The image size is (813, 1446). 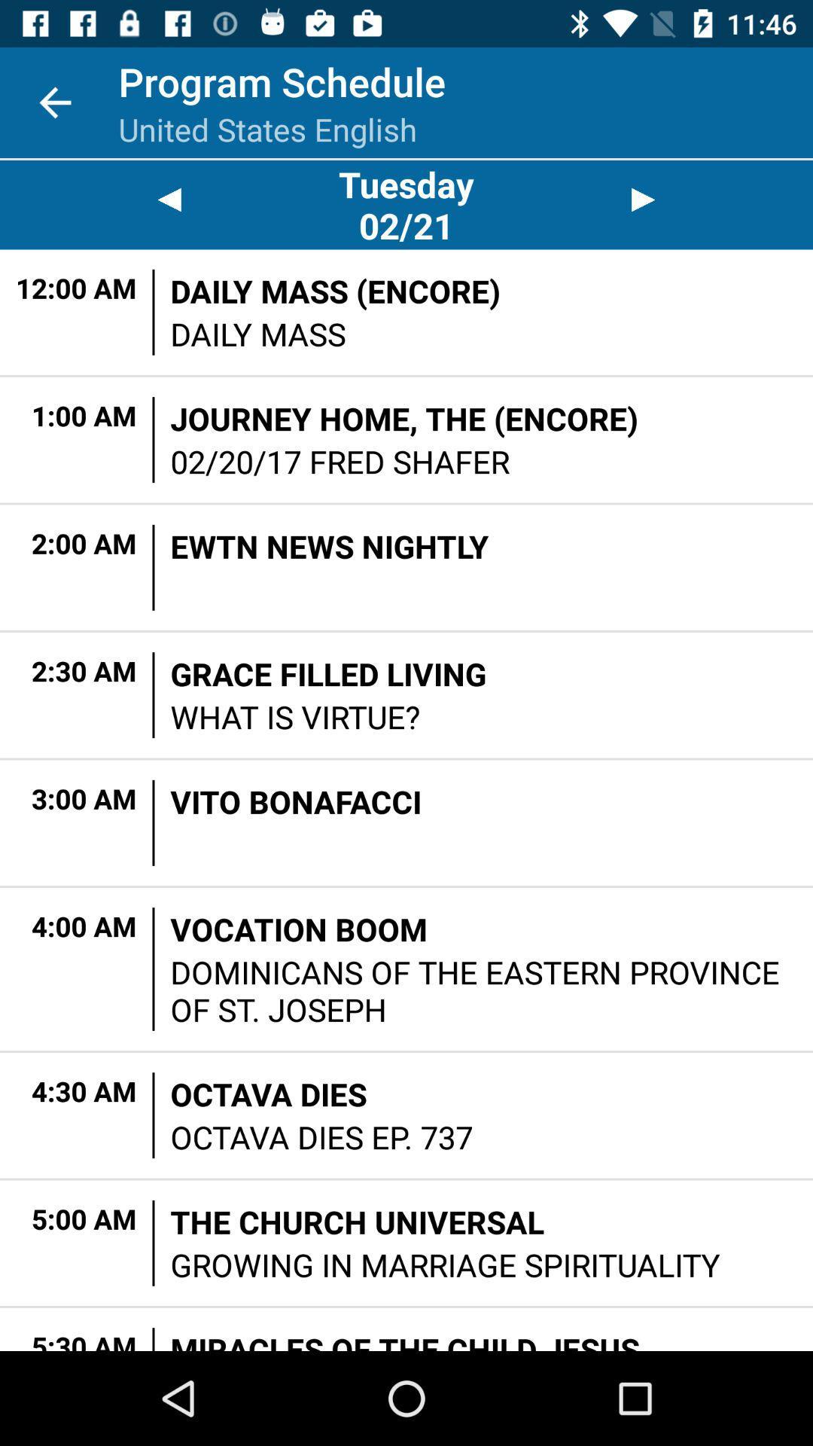 I want to click on the icon next to the octava dies item, so click(x=154, y=1115).